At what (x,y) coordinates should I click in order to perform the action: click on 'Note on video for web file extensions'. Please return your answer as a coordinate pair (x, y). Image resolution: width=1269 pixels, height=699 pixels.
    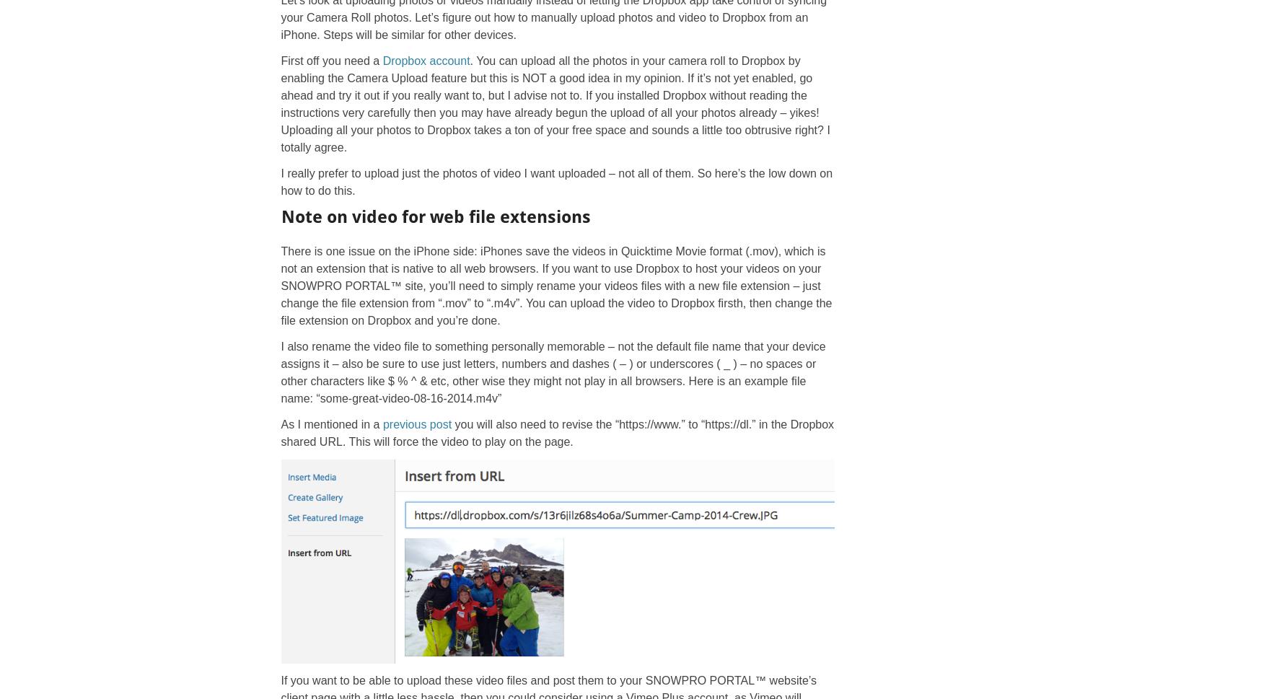
    Looking at the image, I should click on (434, 216).